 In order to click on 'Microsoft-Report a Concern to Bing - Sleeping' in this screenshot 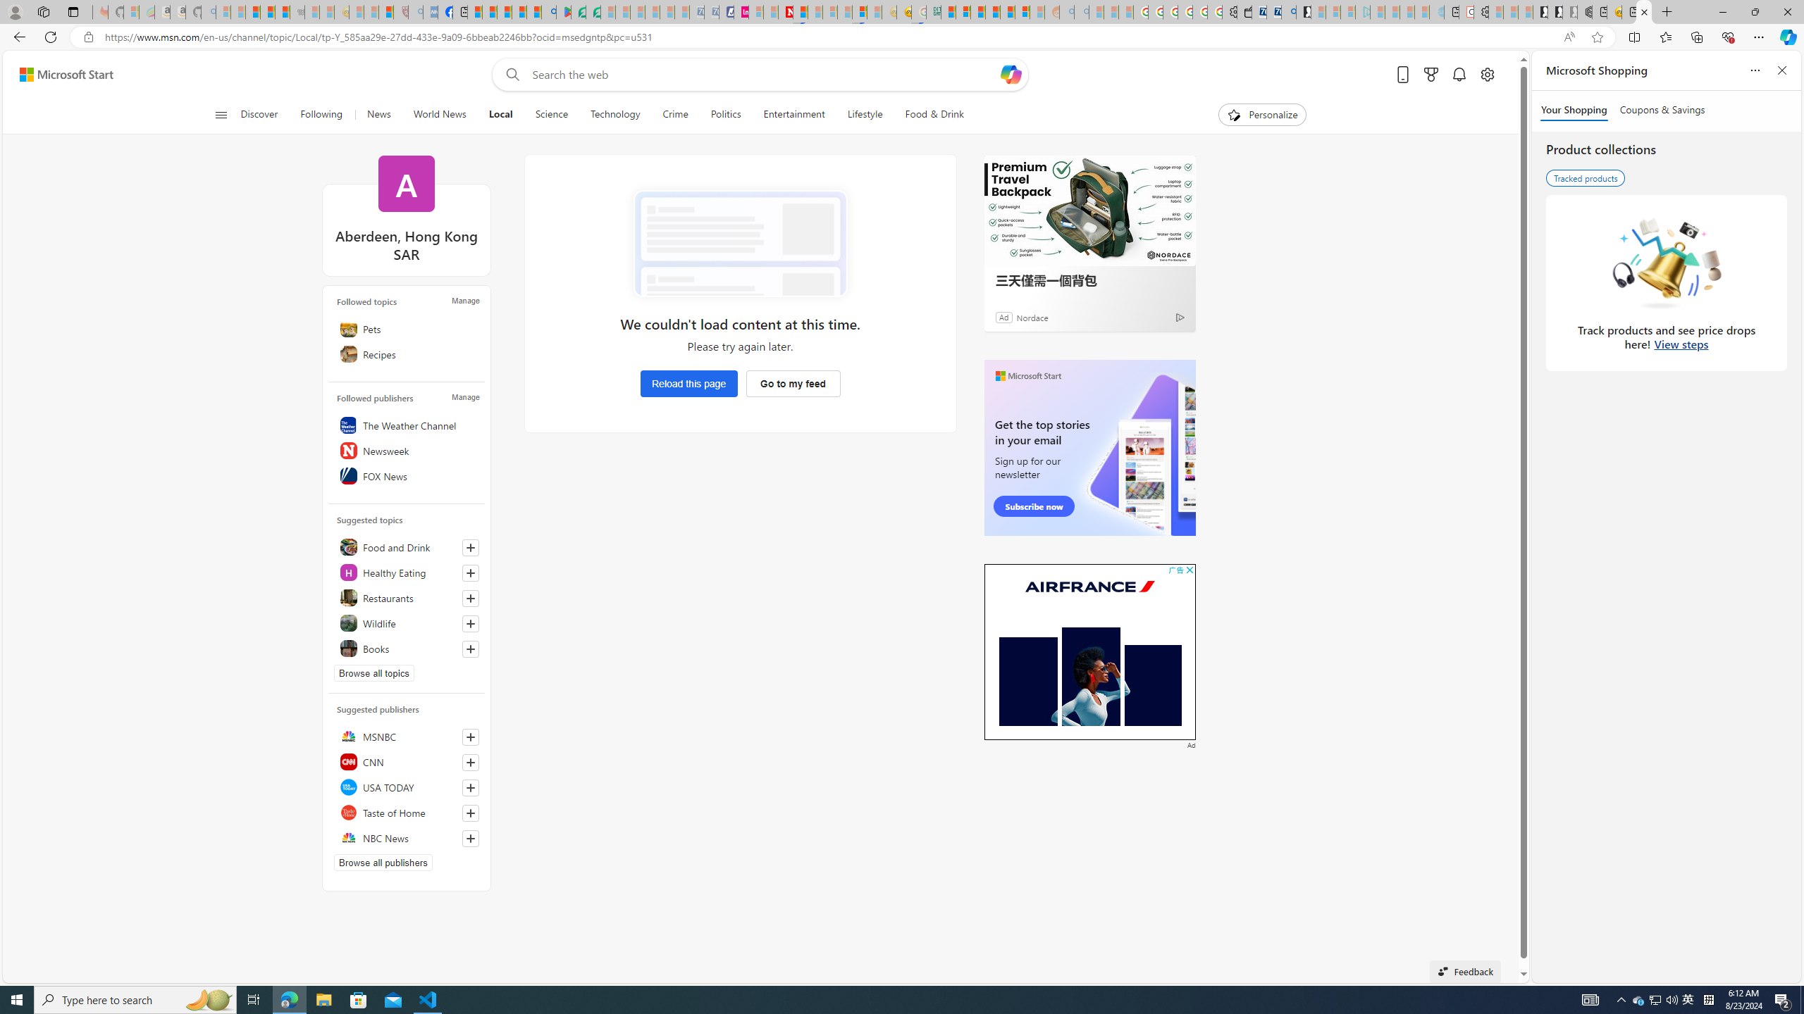, I will do `click(130, 11)`.